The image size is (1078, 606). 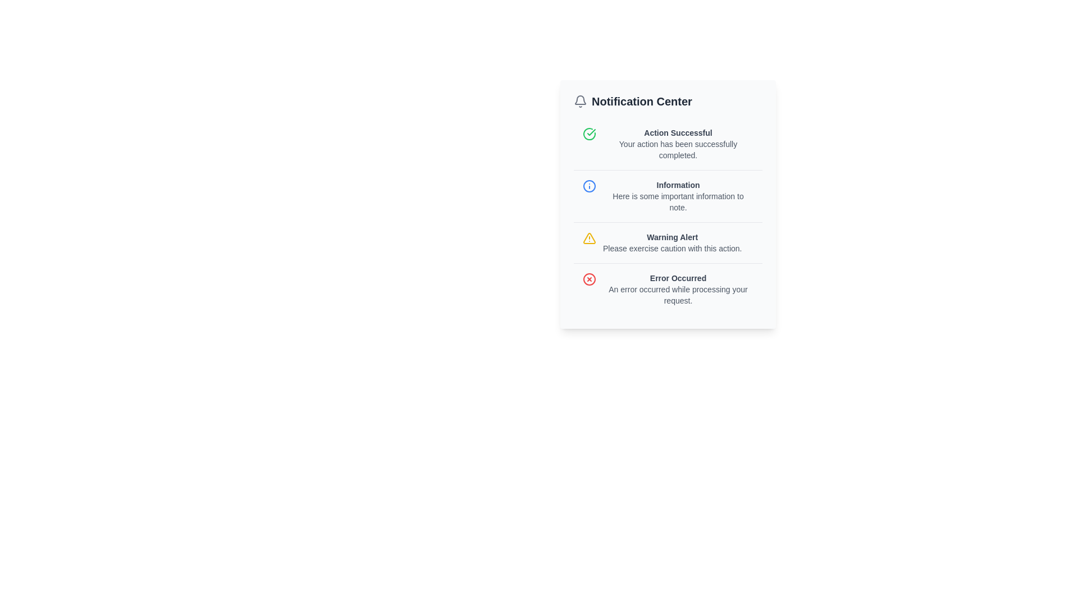 I want to click on the 'Action Successful' text label, which is styled as a header in a bold, small-sized font with grayish coloring, located in the notification center panel, so click(x=678, y=132).